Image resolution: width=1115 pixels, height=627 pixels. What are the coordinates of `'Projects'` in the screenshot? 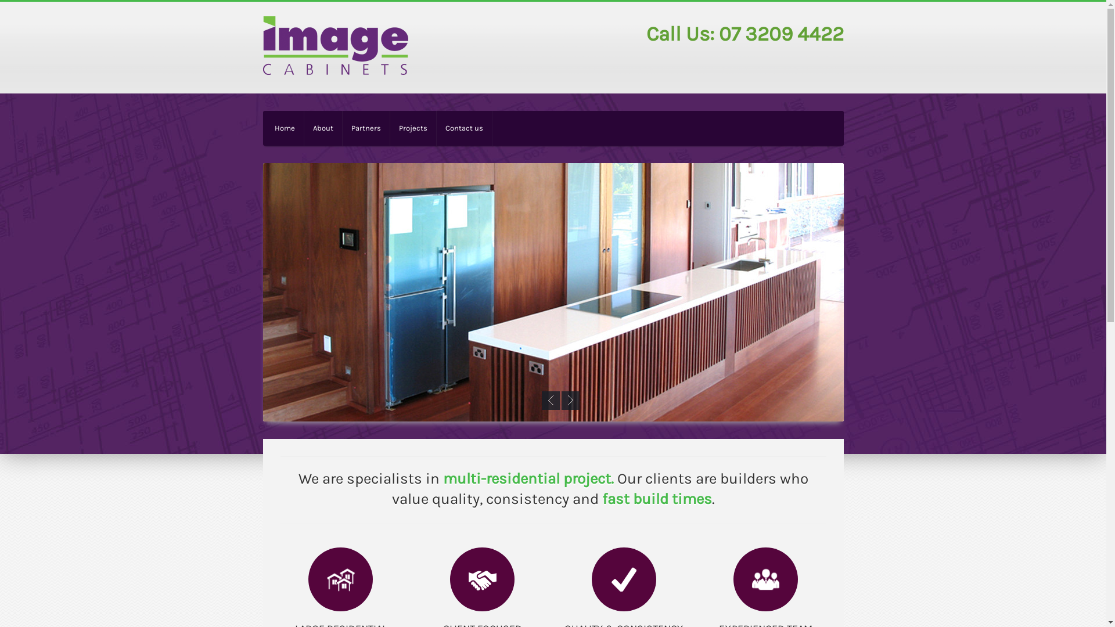 It's located at (413, 127).